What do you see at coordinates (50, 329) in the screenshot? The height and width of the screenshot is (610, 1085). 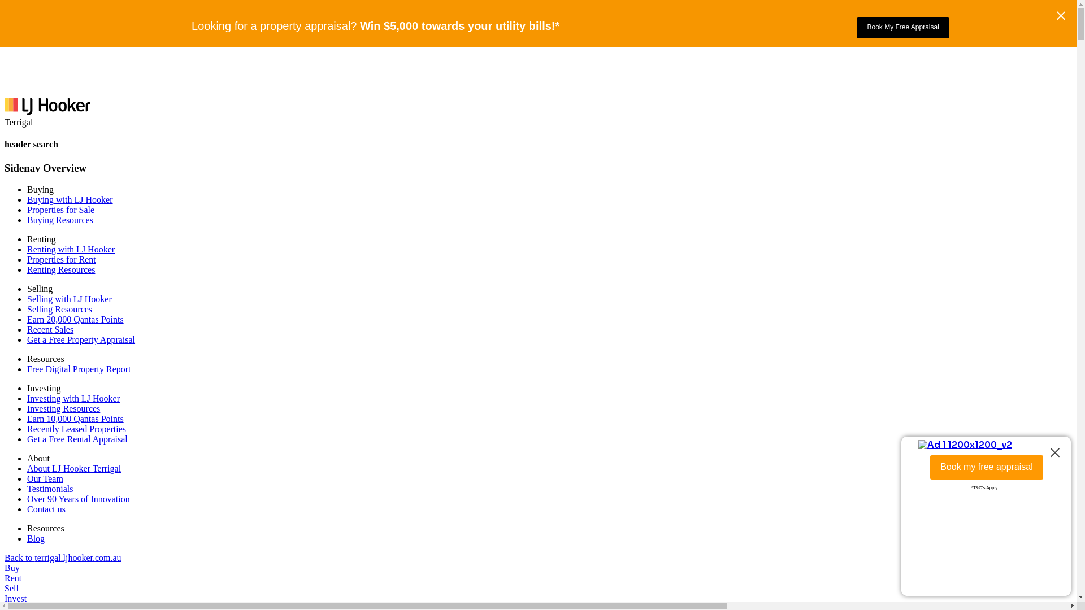 I see `'Recent Sales'` at bounding box center [50, 329].